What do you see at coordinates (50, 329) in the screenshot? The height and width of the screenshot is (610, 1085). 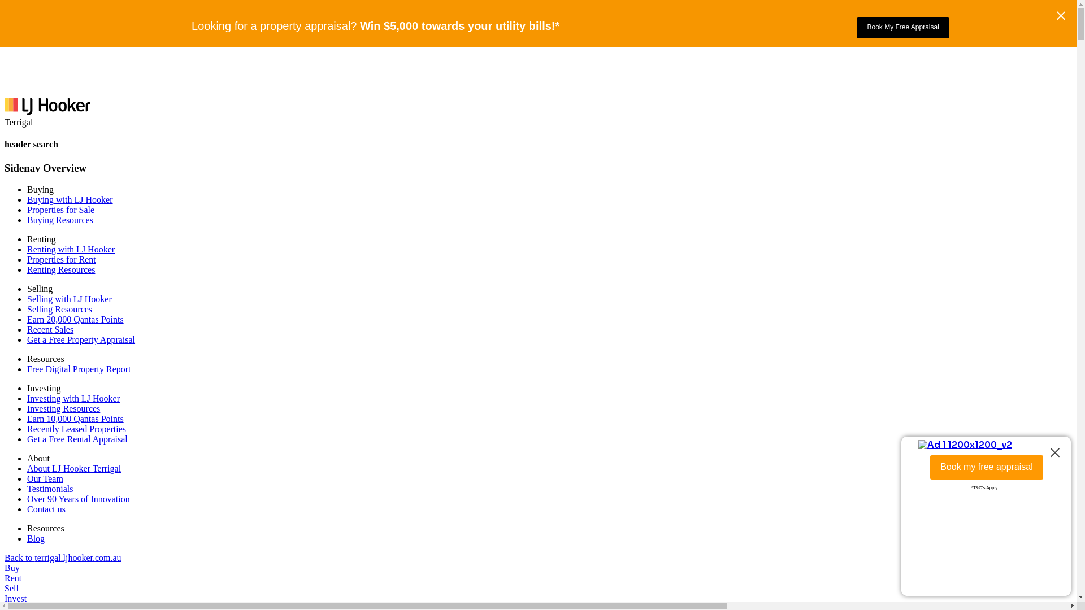 I see `'Recent Sales'` at bounding box center [50, 329].